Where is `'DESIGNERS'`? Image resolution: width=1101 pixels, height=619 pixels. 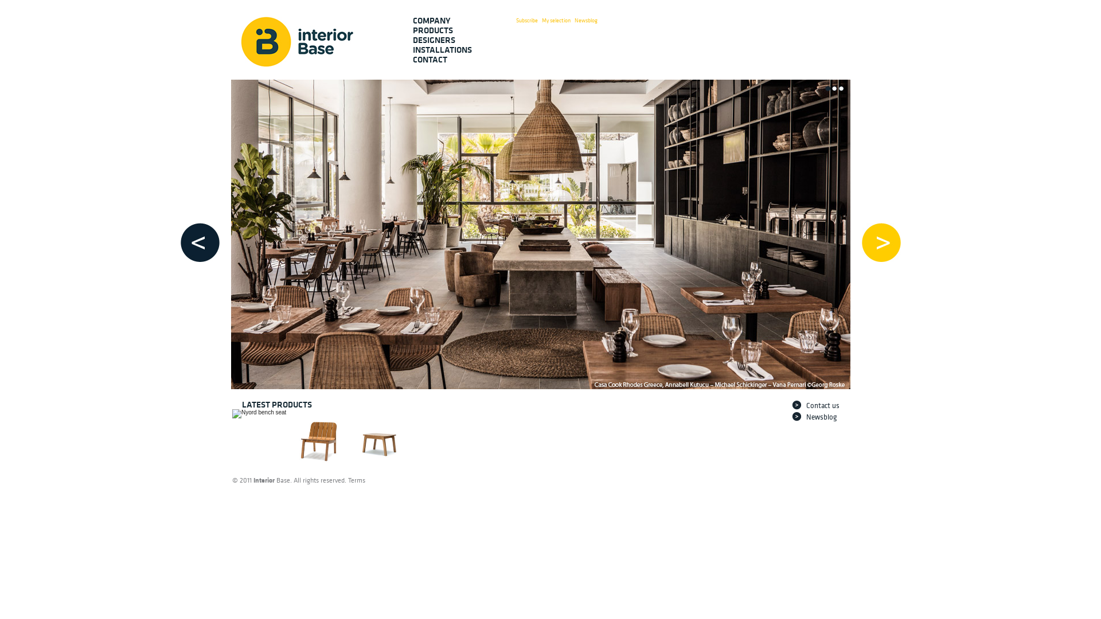 'DESIGNERS' is located at coordinates (413, 40).